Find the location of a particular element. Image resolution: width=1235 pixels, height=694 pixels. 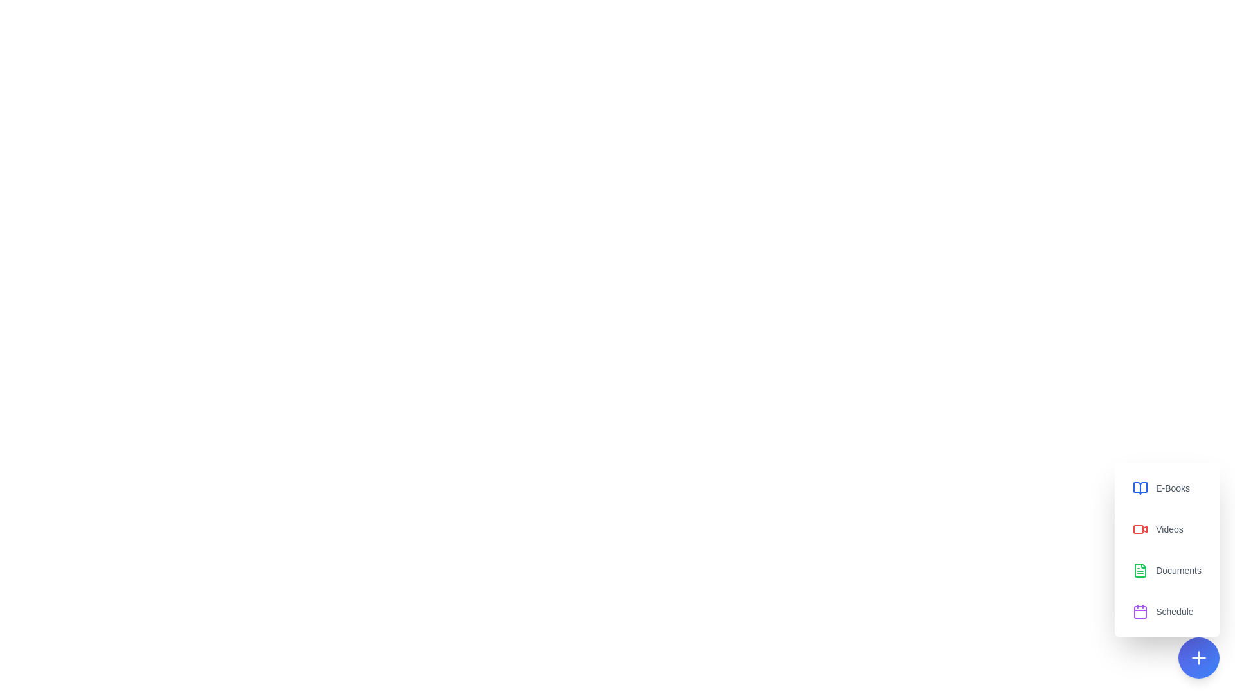

the floating action button to toggle the visibility of the resource menu is located at coordinates (1198, 657).